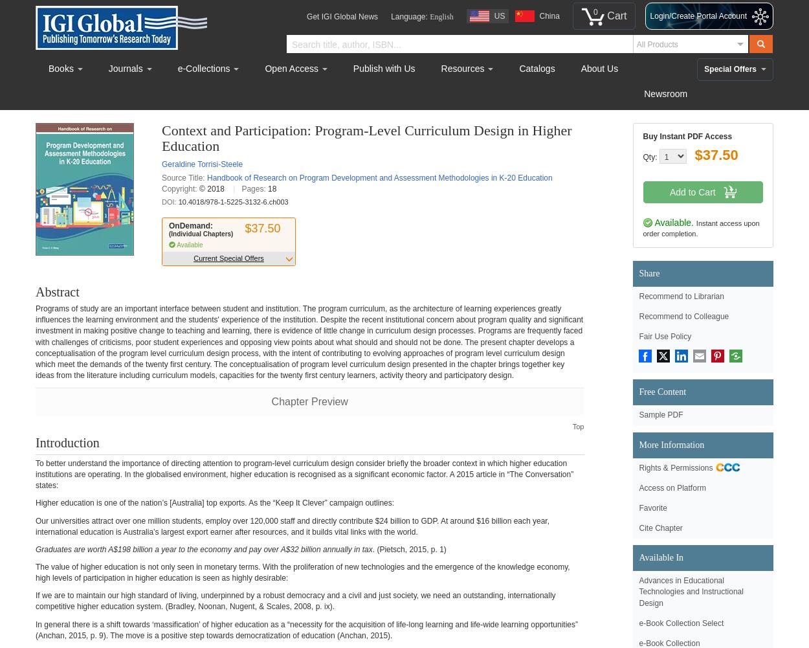 The width and height of the screenshot is (809, 648). I want to click on 'English', so click(430, 17).